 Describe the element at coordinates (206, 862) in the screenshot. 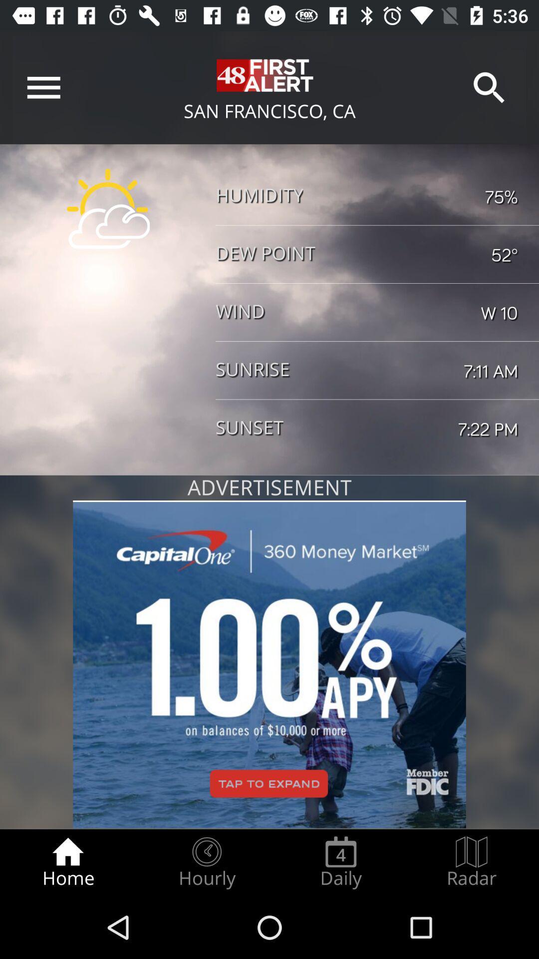

I see `the radio button next to daily` at that location.